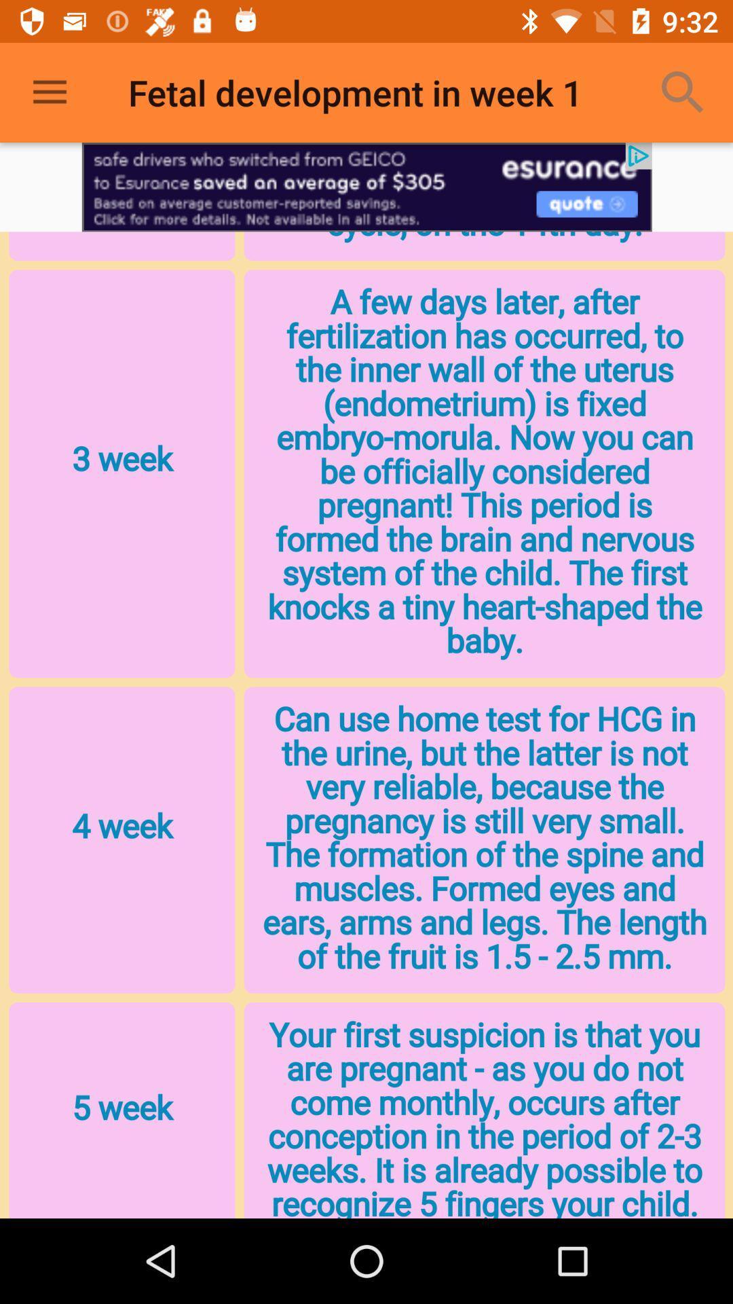 The height and width of the screenshot is (1304, 733). What do you see at coordinates (366, 186) in the screenshot?
I see `get quote` at bounding box center [366, 186].